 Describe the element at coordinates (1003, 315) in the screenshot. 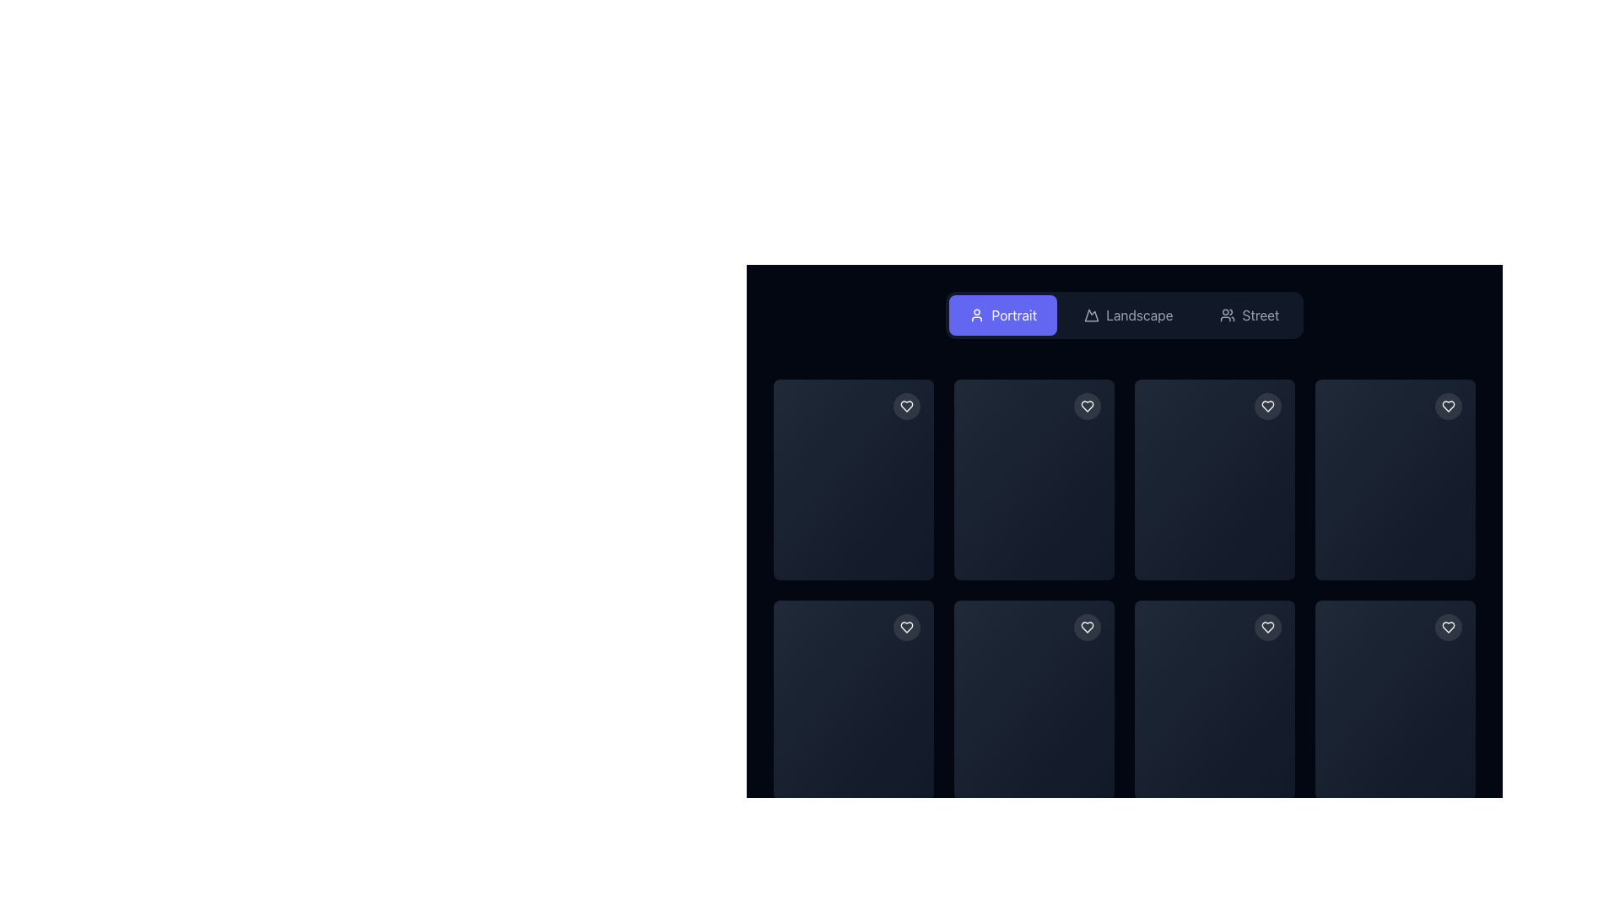

I see `the button labeled 'Portrait' which is styled with a purple background and contains a user silhouette icon` at that location.